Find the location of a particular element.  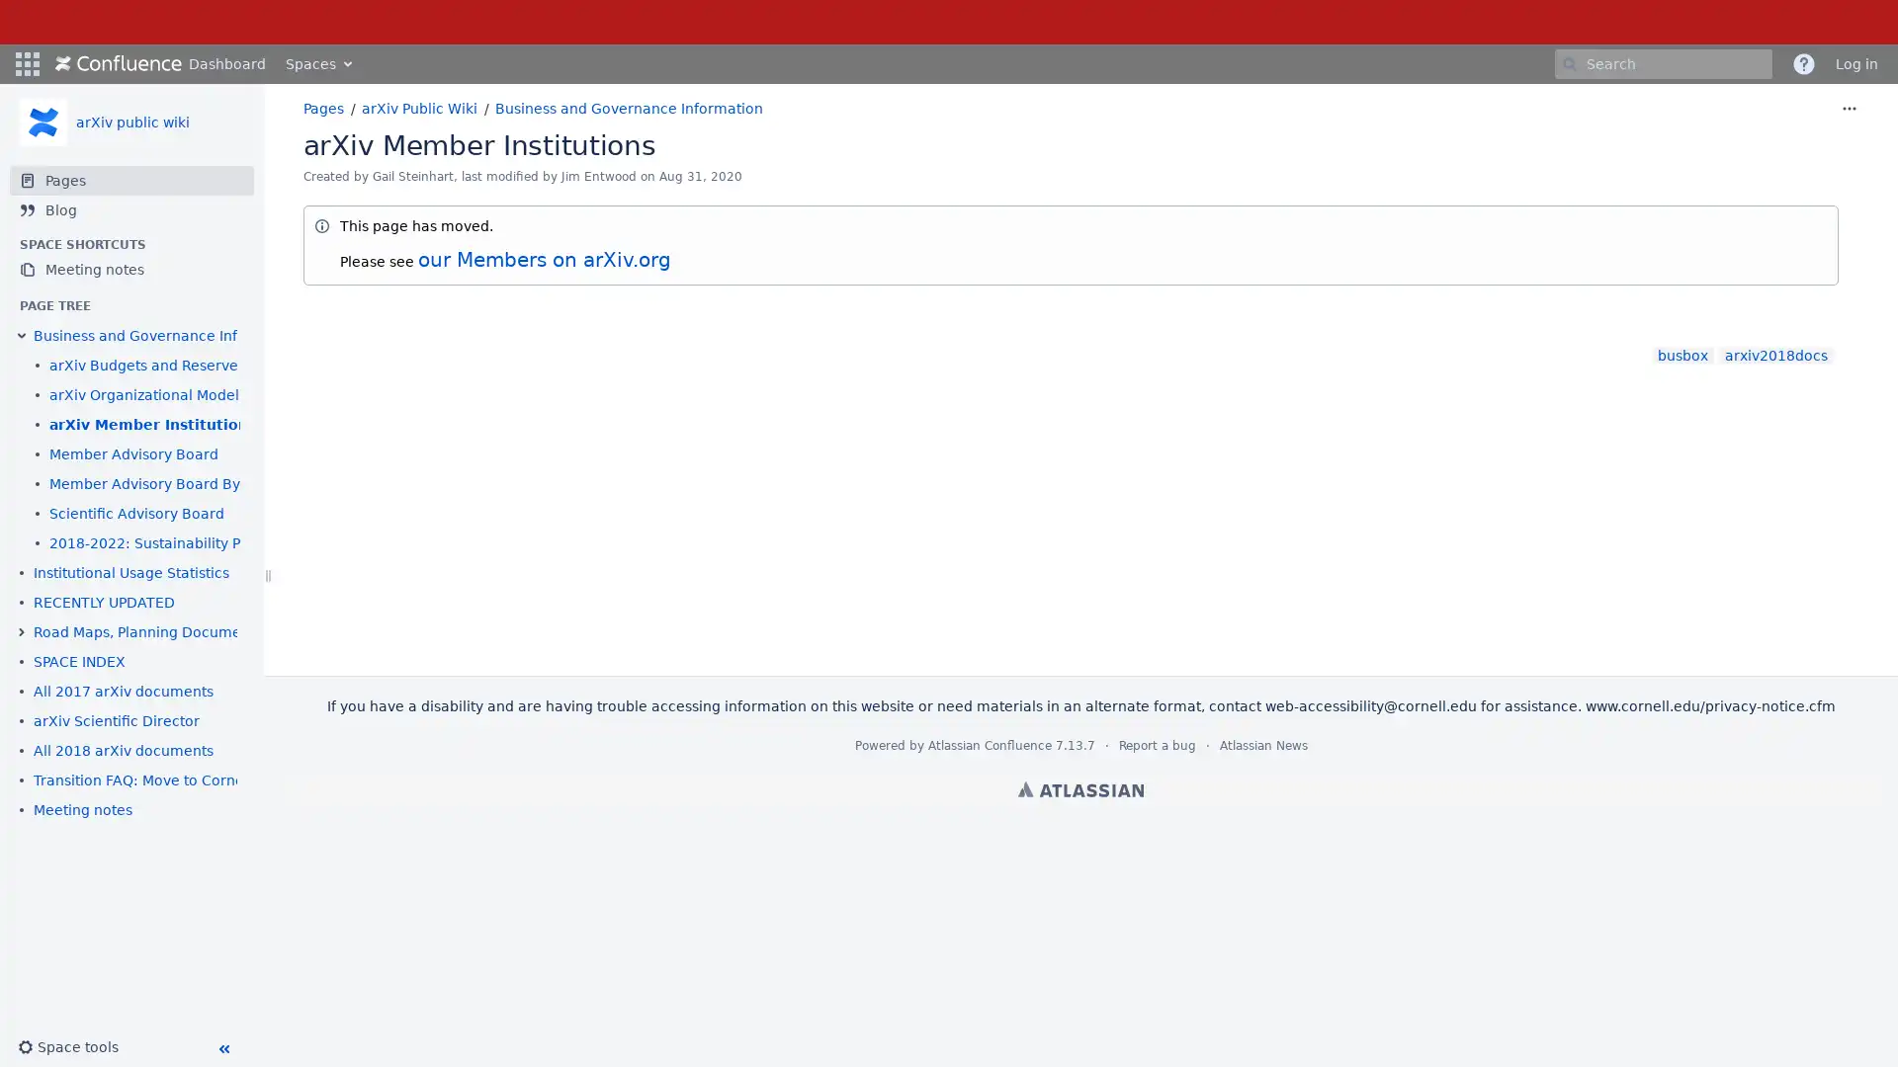

Collapse sidebar ( [ ) is located at coordinates (222, 1047).